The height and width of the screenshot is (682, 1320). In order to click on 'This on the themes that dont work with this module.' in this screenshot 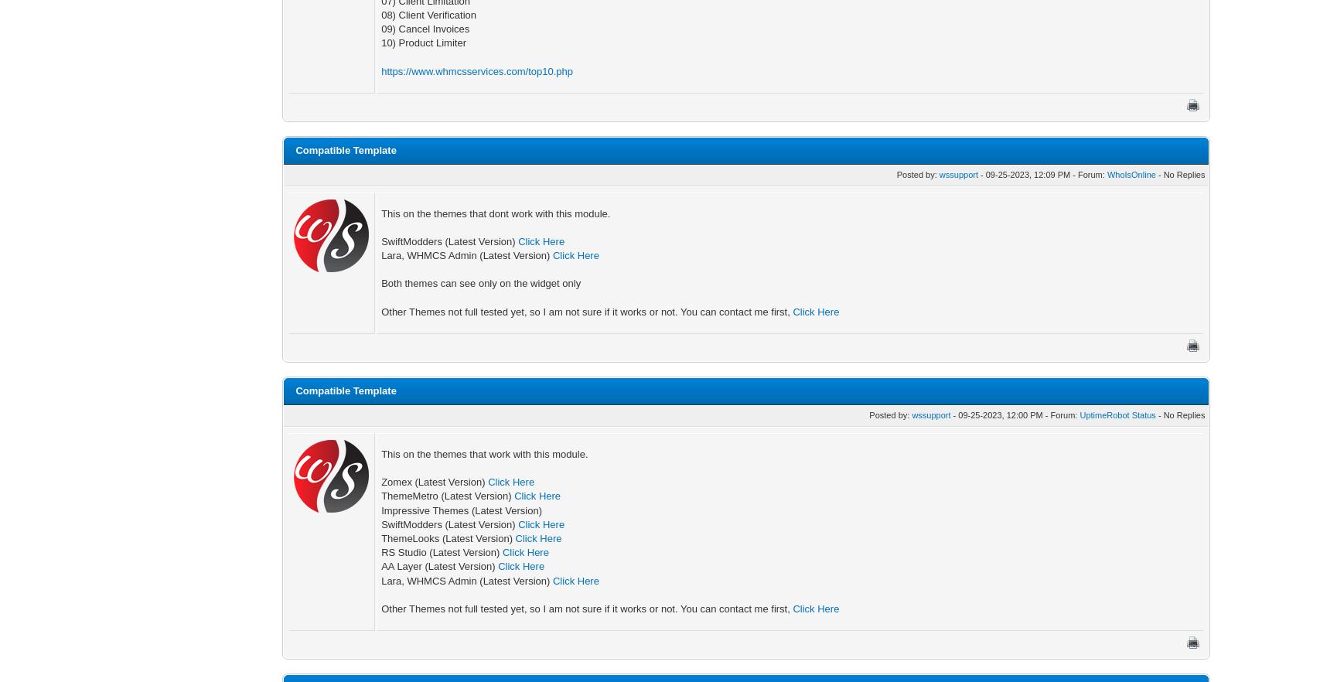, I will do `click(495, 213)`.